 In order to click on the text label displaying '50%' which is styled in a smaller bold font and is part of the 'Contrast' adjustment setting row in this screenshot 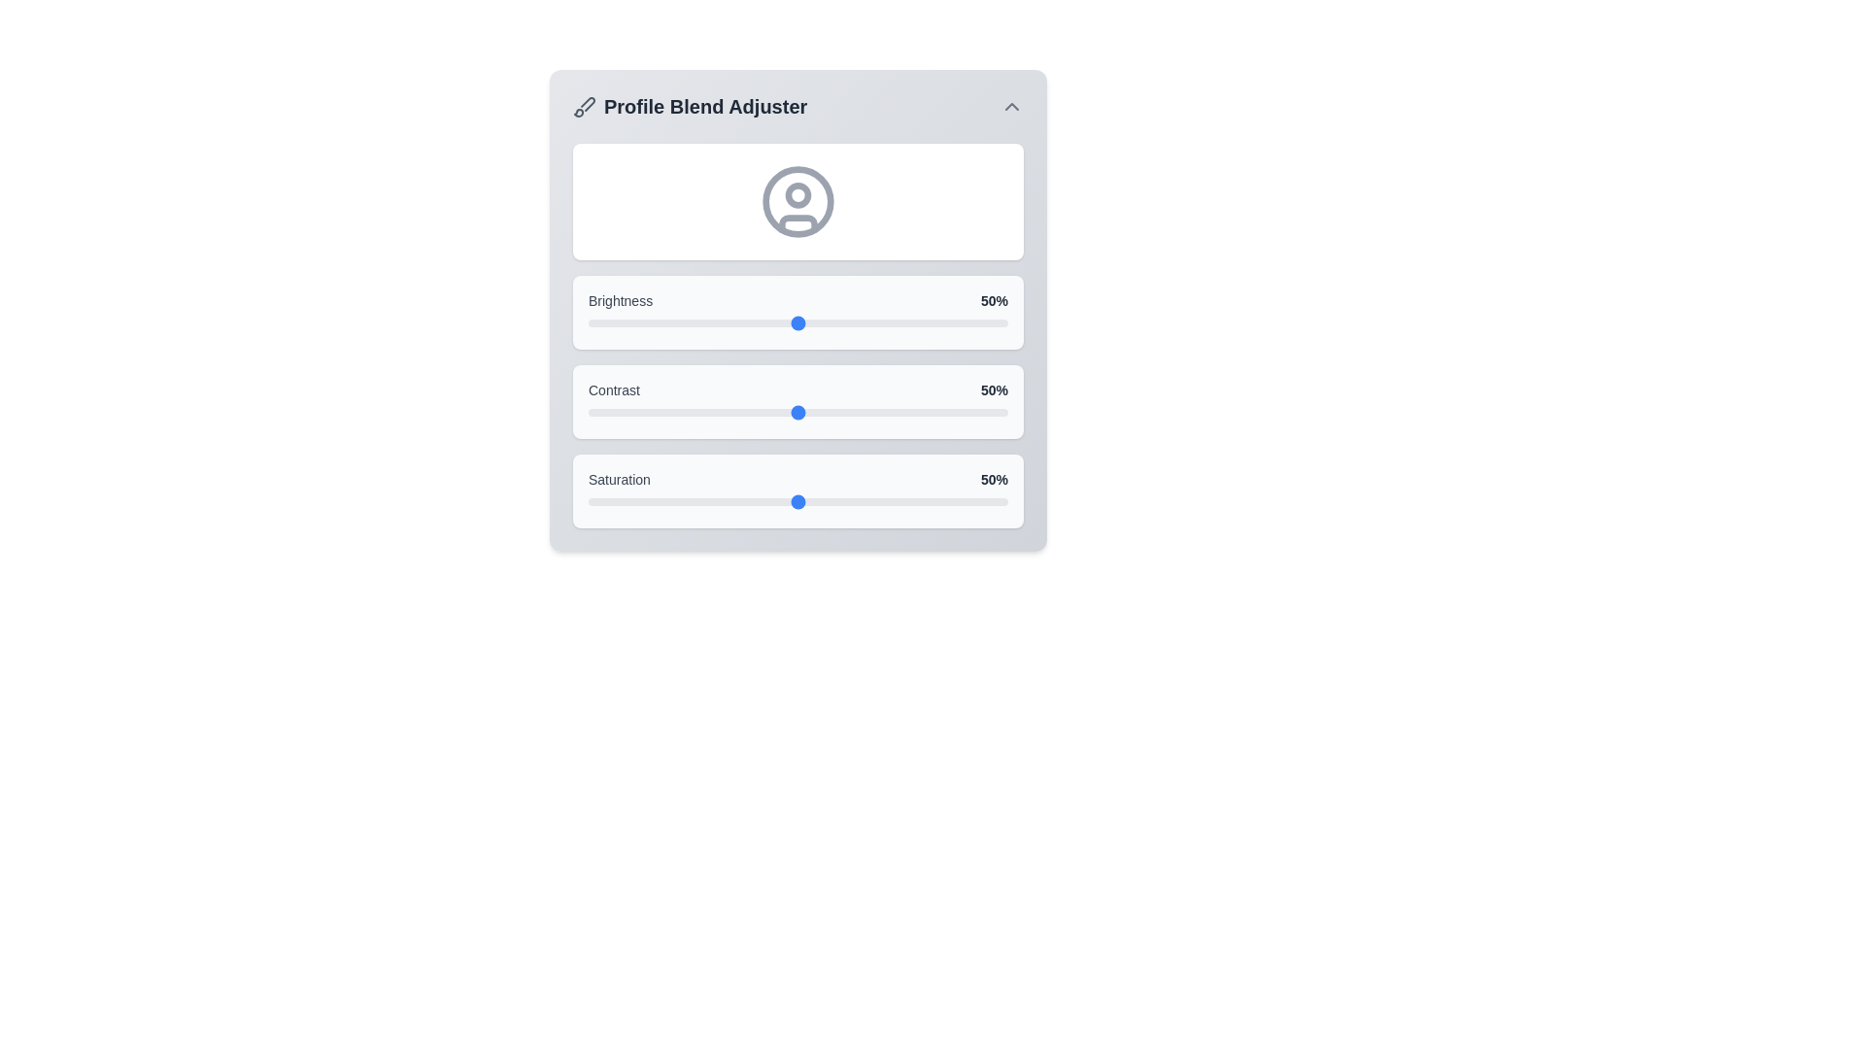, I will do `click(994, 389)`.